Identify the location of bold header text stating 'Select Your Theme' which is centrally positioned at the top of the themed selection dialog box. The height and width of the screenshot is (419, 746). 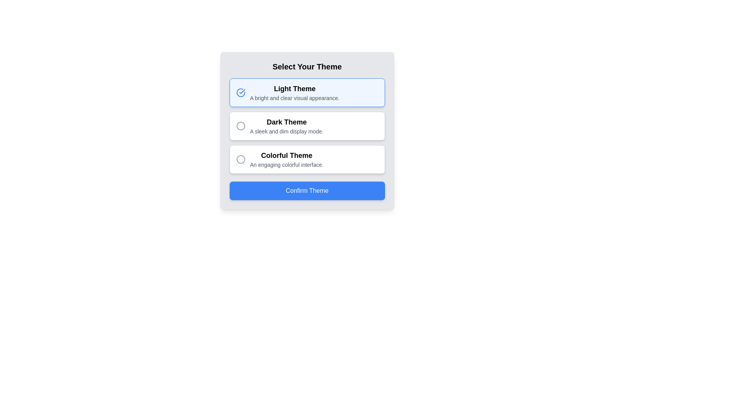
(307, 66).